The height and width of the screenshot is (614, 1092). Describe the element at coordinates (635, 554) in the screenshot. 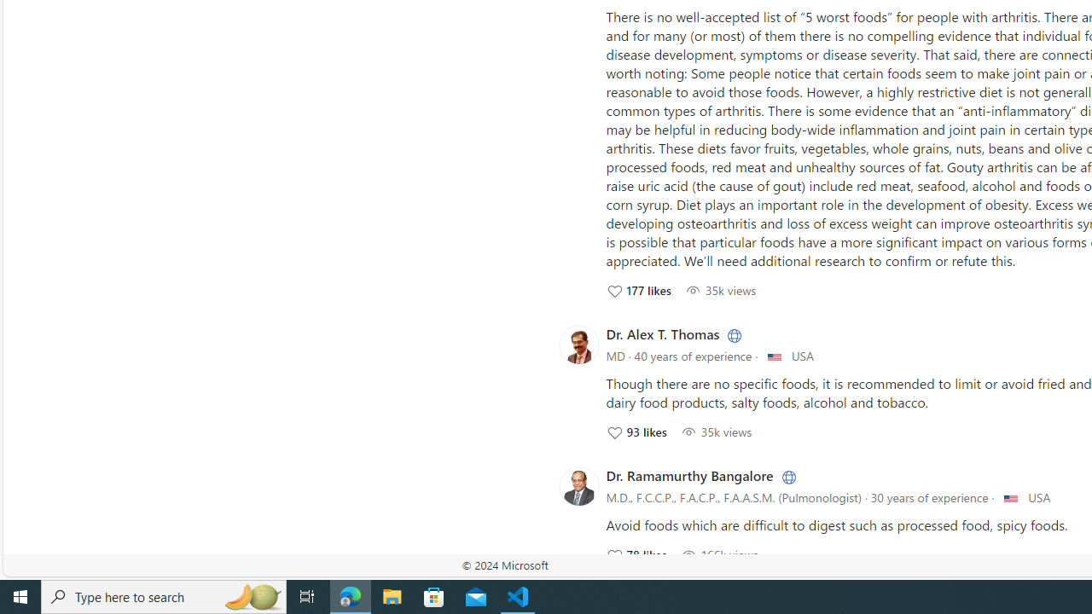

I see `'78 Like; Click to Like'` at that location.